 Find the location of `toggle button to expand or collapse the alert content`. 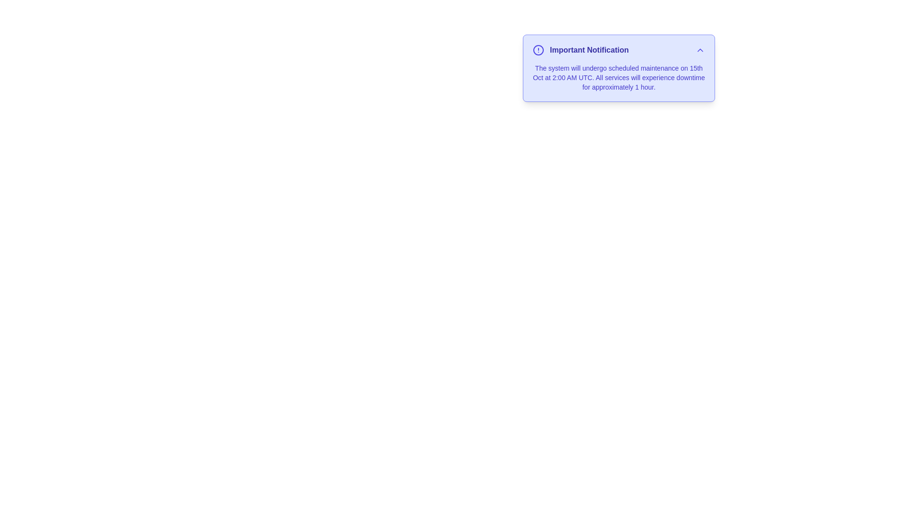

toggle button to expand or collapse the alert content is located at coordinates (700, 50).